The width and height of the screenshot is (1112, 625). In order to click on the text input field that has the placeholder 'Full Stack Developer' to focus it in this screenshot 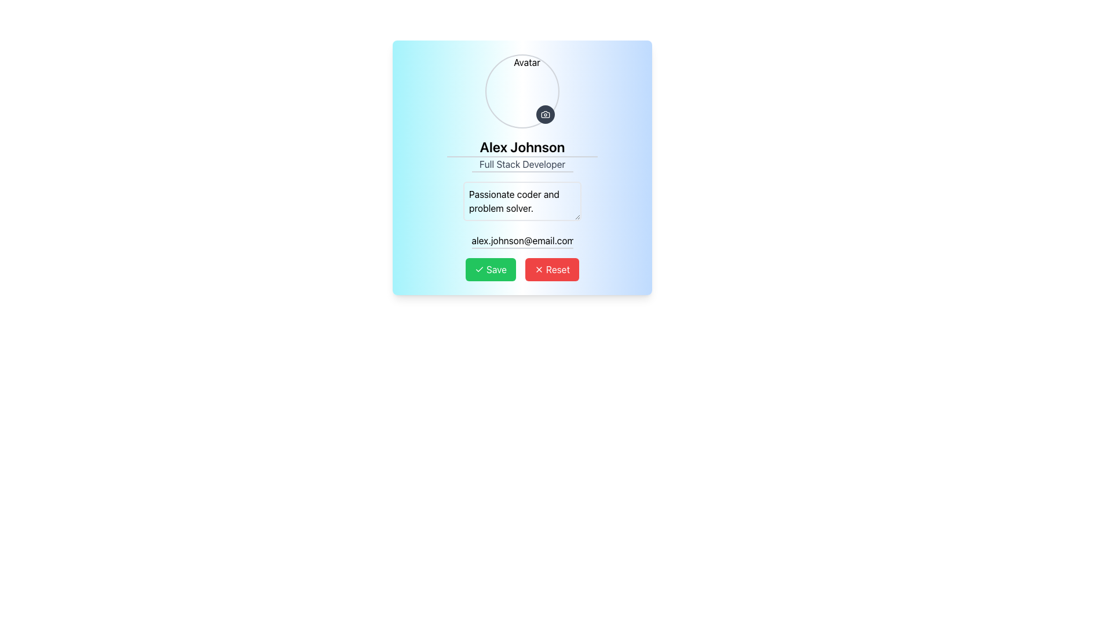, I will do `click(522, 165)`.